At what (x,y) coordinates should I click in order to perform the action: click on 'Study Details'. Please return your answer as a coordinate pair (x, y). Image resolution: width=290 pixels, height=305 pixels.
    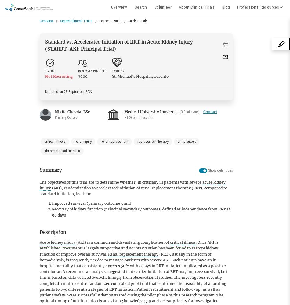
    Looking at the image, I should click on (138, 21).